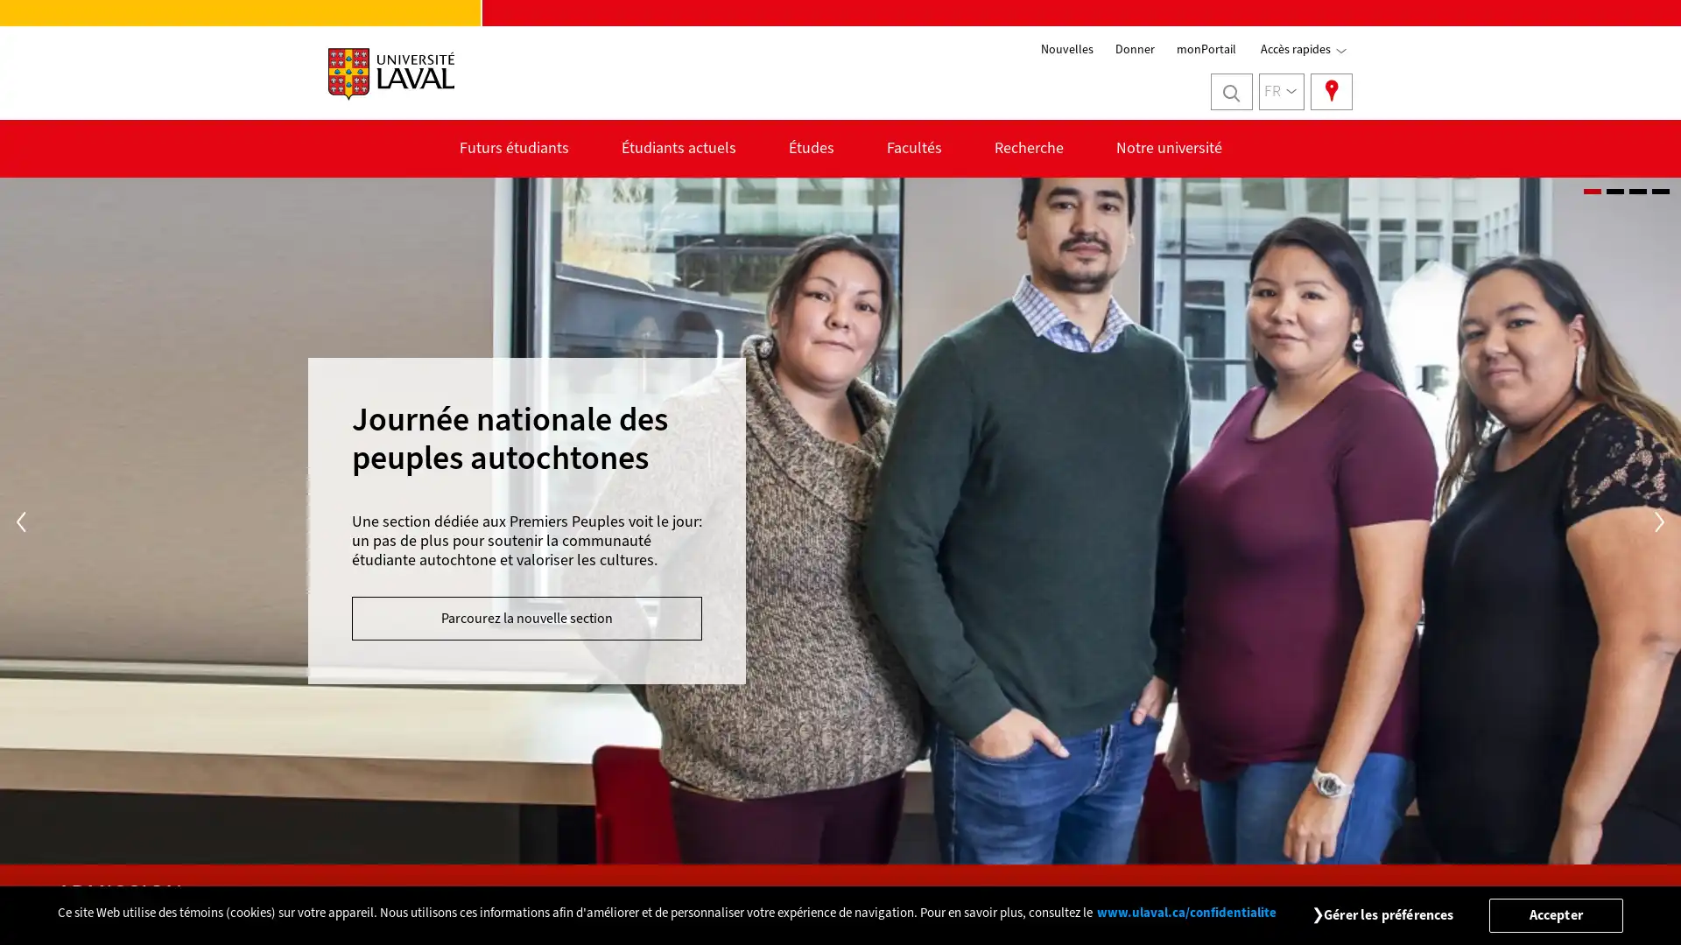  I want to click on Gerer les preferences, so click(1387, 913).